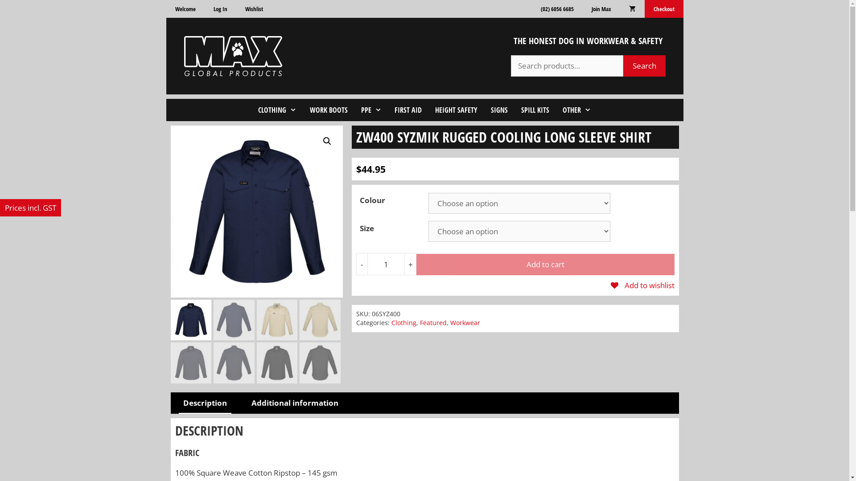  What do you see at coordinates (367, 264) in the screenshot?
I see `'Qty'` at bounding box center [367, 264].